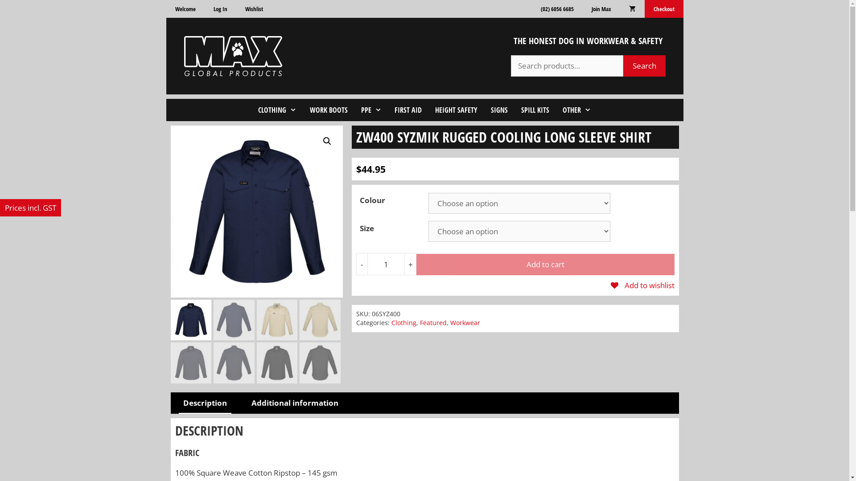  What do you see at coordinates (367, 264) in the screenshot?
I see `'Qty'` at bounding box center [367, 264].